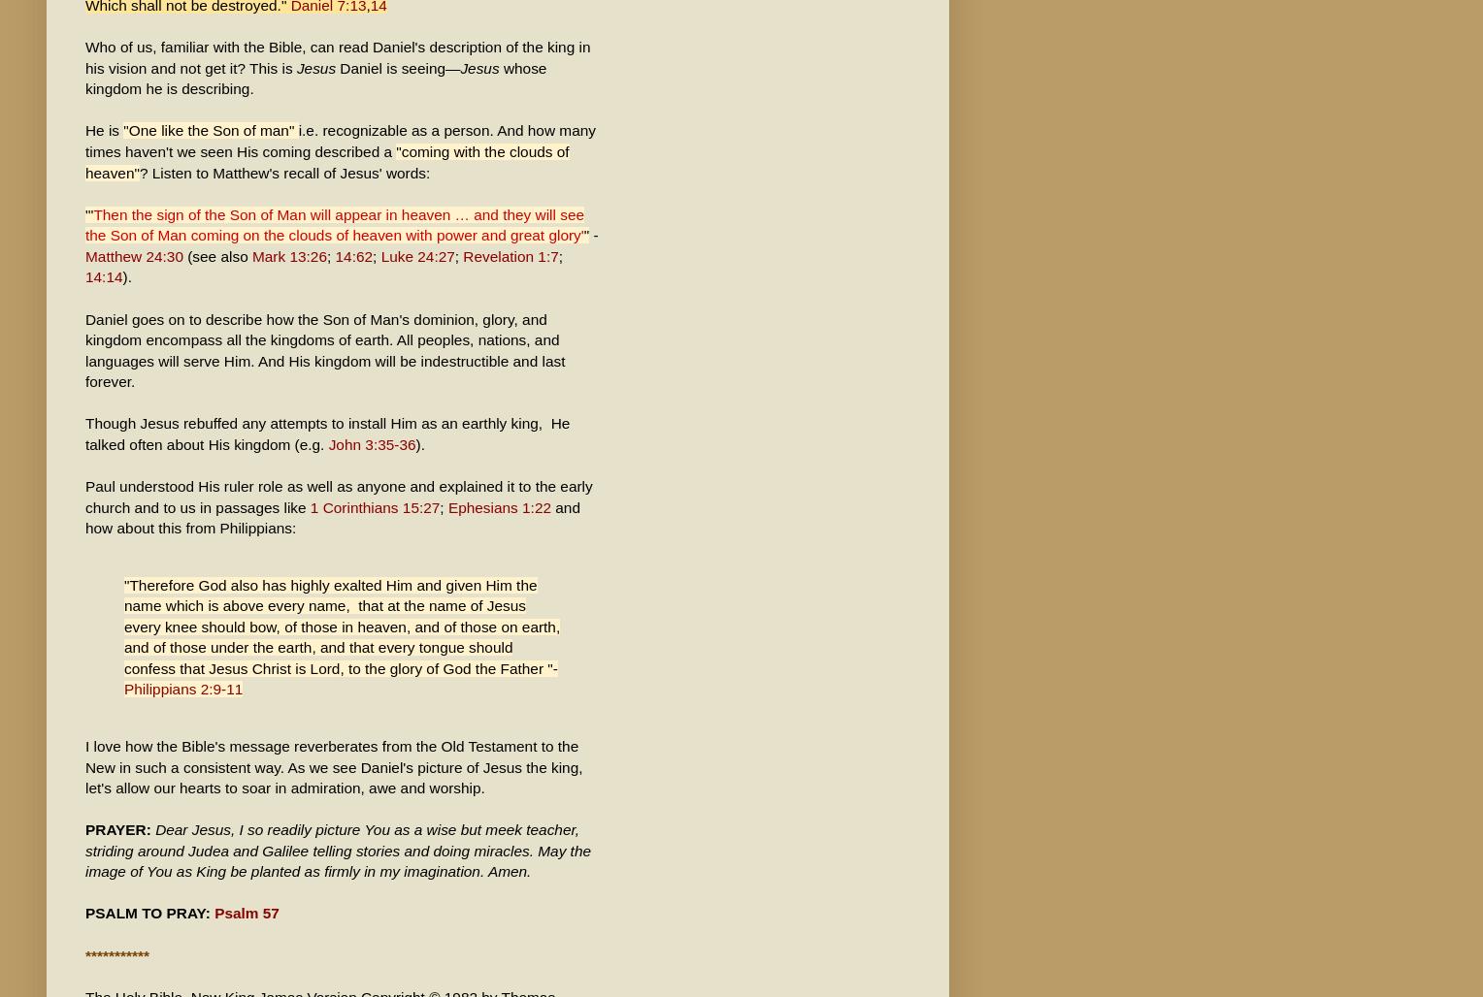  I want to click on 'Daniel is seeing—', so click(334, 66).